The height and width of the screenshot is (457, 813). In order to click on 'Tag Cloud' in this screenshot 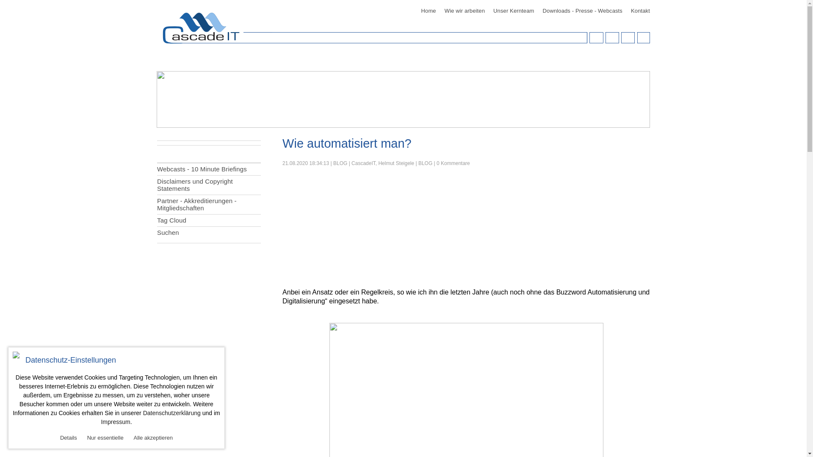, I will do `click(209, 220)`.